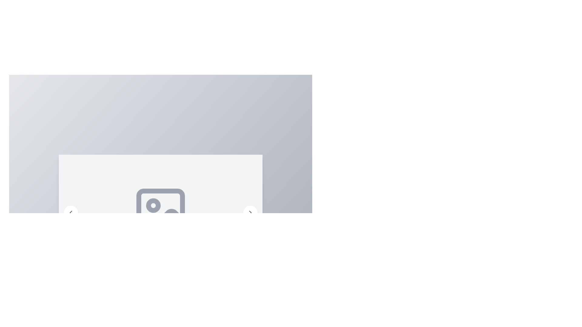  What do you see at coordinates (250, 212) in the screenshot?
I see `the small triangular arrow shape pointing to the right, which serves as a chevron-right icon for navigation, located towards the bottom-right of the interface` at bounding box center [250, 212].